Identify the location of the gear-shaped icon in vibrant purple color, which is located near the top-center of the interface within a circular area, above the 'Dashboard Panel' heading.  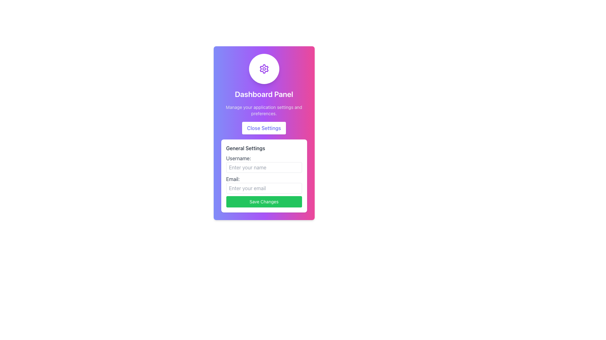
(264, 69).